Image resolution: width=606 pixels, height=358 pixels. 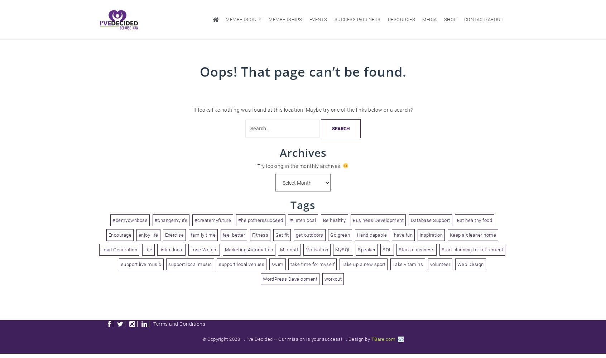 What do you see at coordinates (130, 219) in the screenshot?
I see `'#bemyownboss'` at bounding box center [130, 219].